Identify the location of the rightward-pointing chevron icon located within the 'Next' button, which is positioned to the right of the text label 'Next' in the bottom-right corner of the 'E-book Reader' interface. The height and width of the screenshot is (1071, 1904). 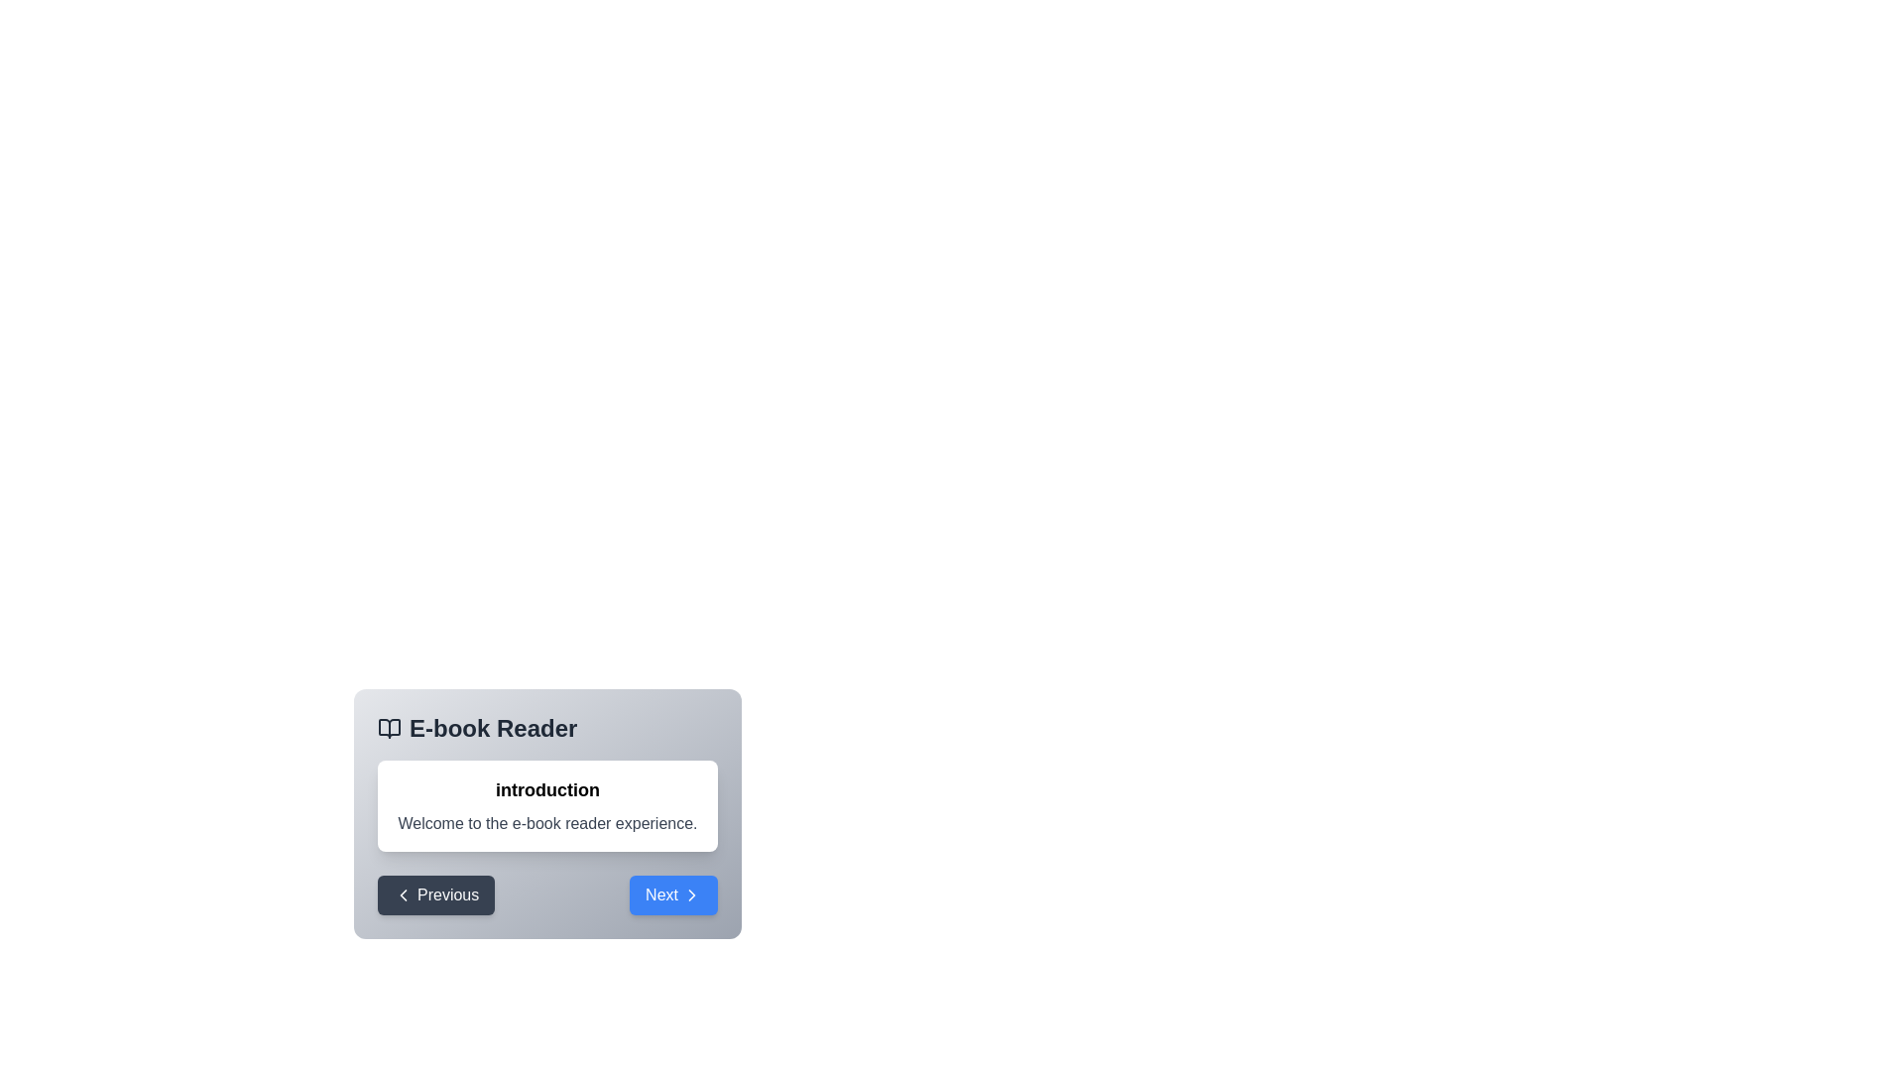
(691, 894).